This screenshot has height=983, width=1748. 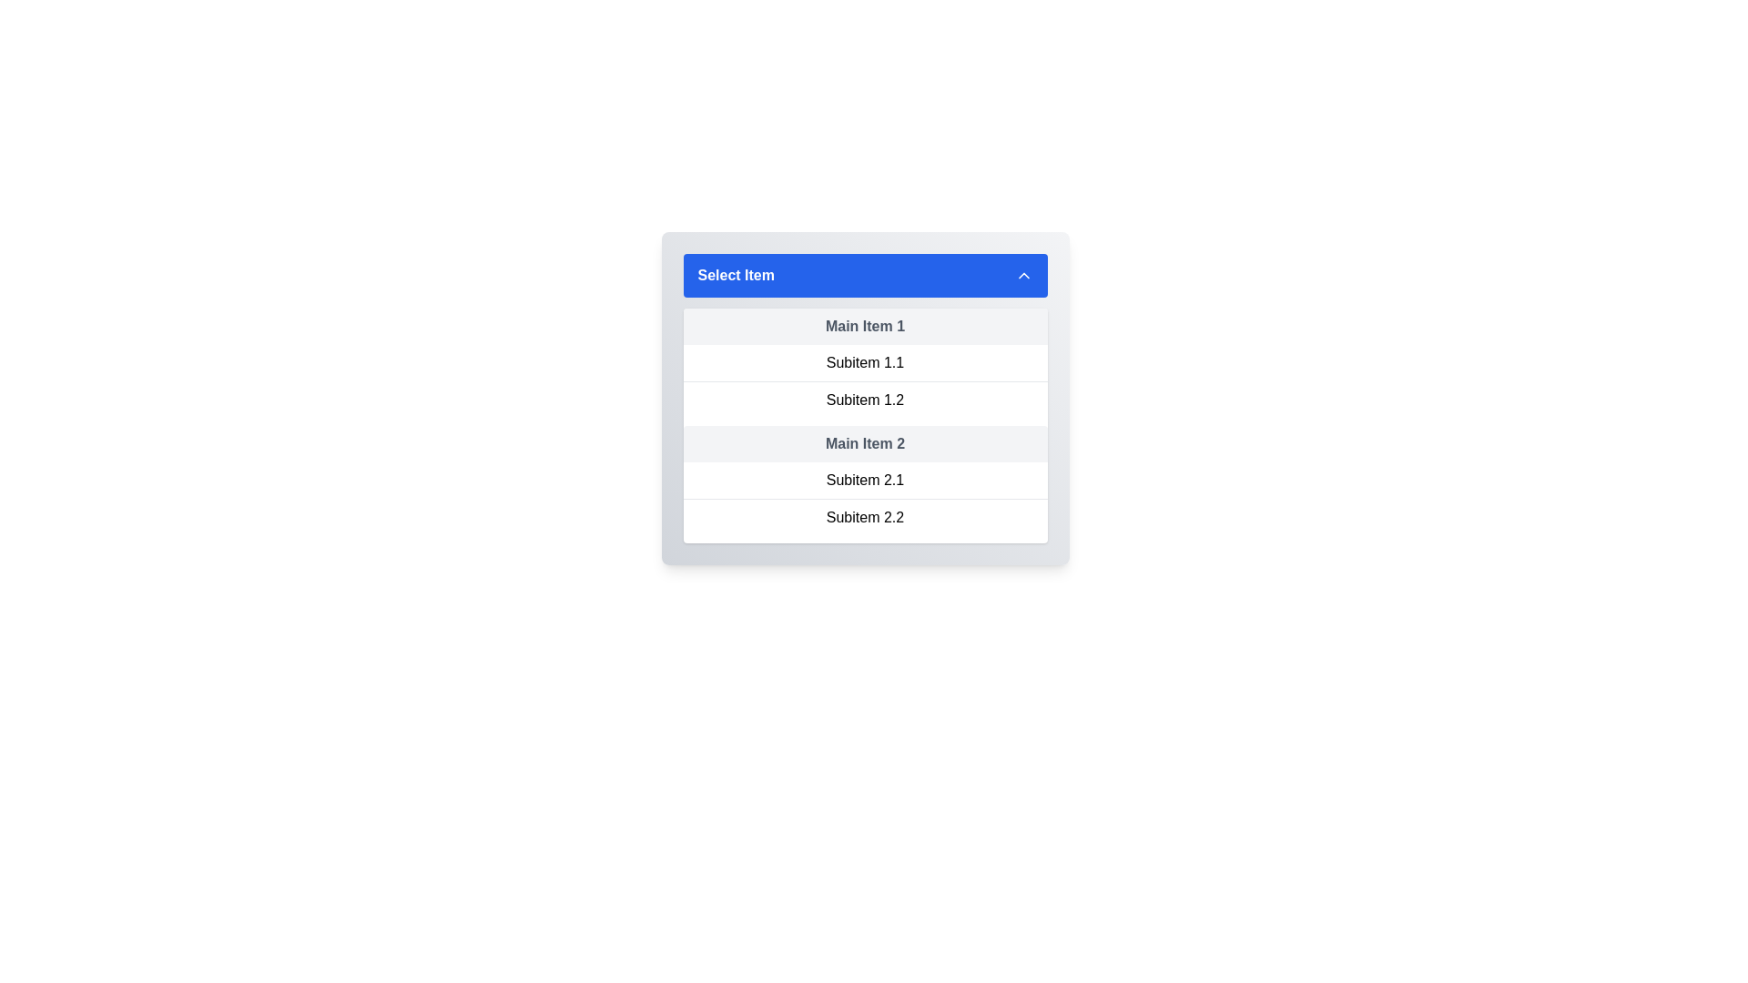 What do you see at coordinates (864, 325) in the screenshot?
I see `the static text label or subgroup header located below the blue header labeled 'Select Item' in the dropdown menu` at bounding box center [864, 325].